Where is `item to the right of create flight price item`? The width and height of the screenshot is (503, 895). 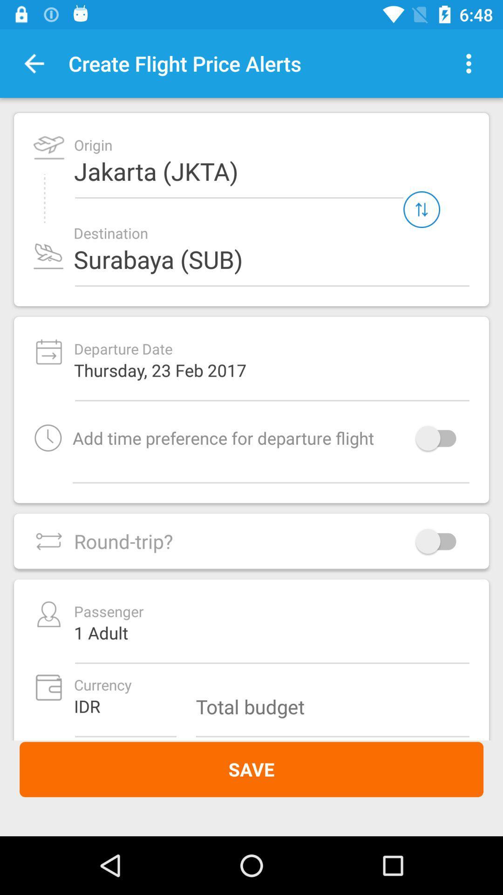 item to the right of create flight price item is located at coordinates (469, 63).